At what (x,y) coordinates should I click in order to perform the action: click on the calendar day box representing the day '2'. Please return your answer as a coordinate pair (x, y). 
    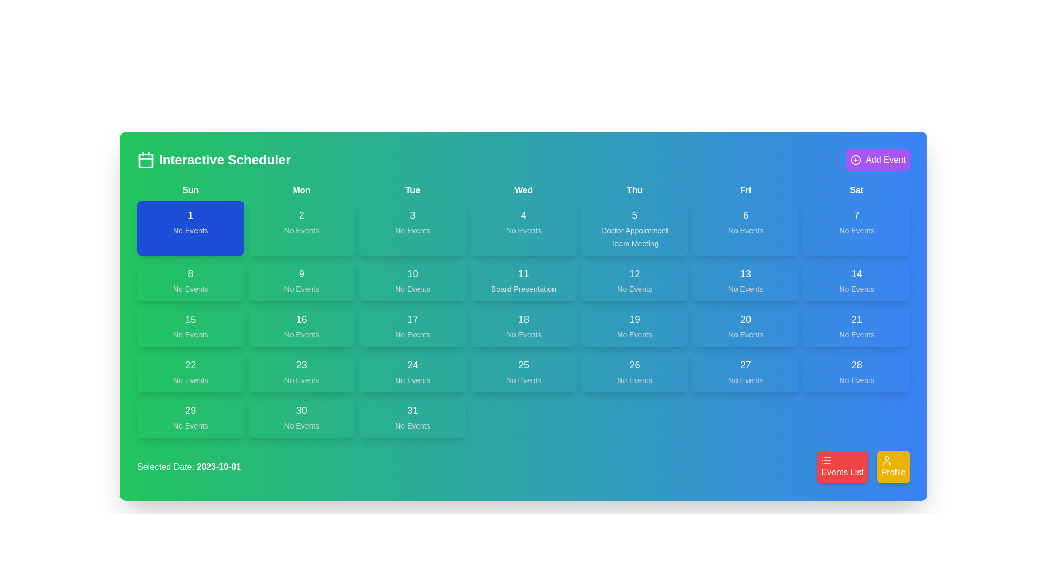
    Looking at the image, I should click on (301, 227).